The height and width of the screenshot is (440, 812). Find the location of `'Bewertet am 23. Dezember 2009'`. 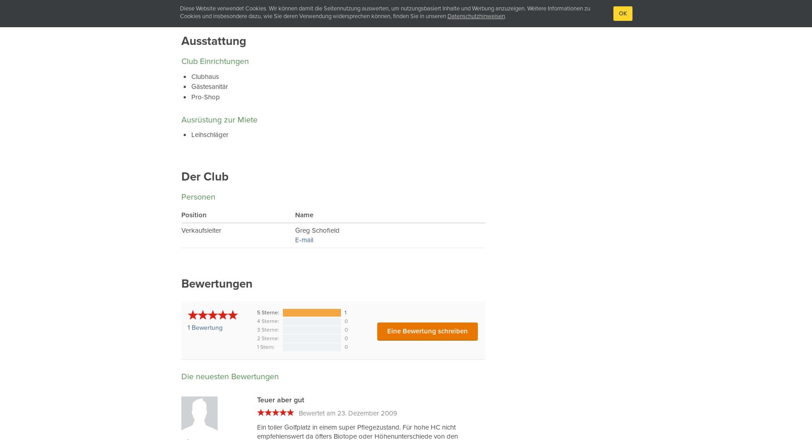

'Bewertet am 23. Dezember 2009' is located at coordinates (348, 413).